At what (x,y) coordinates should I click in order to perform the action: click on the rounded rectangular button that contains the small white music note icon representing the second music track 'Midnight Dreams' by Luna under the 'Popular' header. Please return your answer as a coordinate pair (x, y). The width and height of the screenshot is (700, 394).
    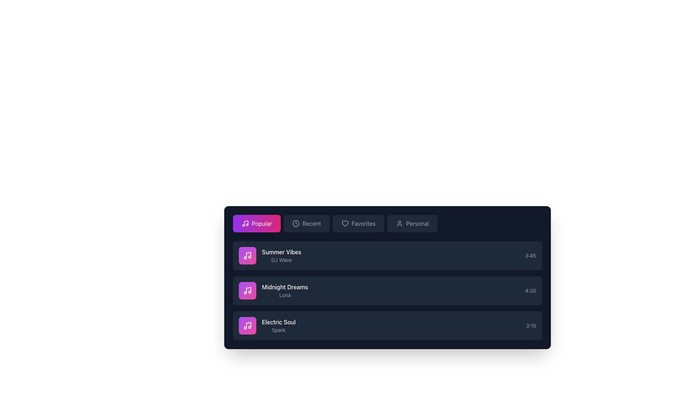
    Looking at the image, I should click on (247, 290).